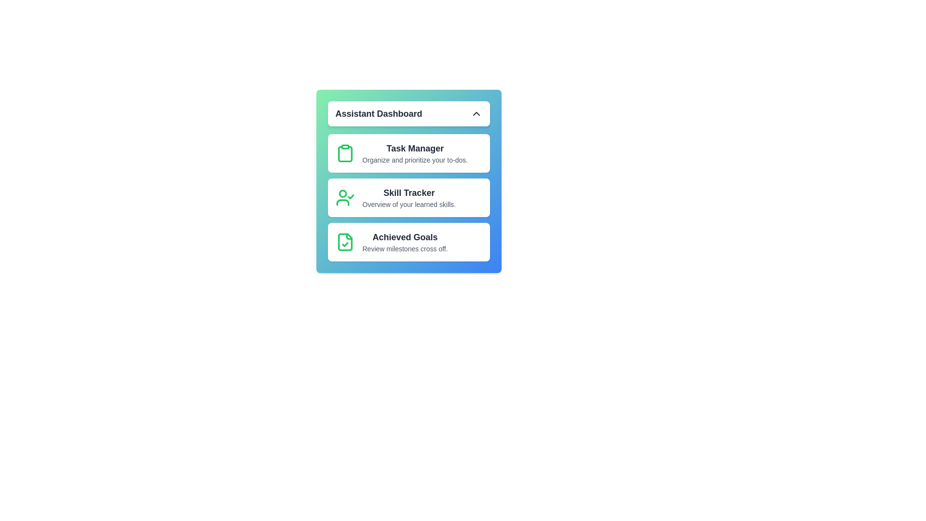 The image size is (926, 521). What do you see at coordinates (345, 241) in the screenshot?
I see `the icon associated with the Achieved Goals option` at bounding box center [345, 241].